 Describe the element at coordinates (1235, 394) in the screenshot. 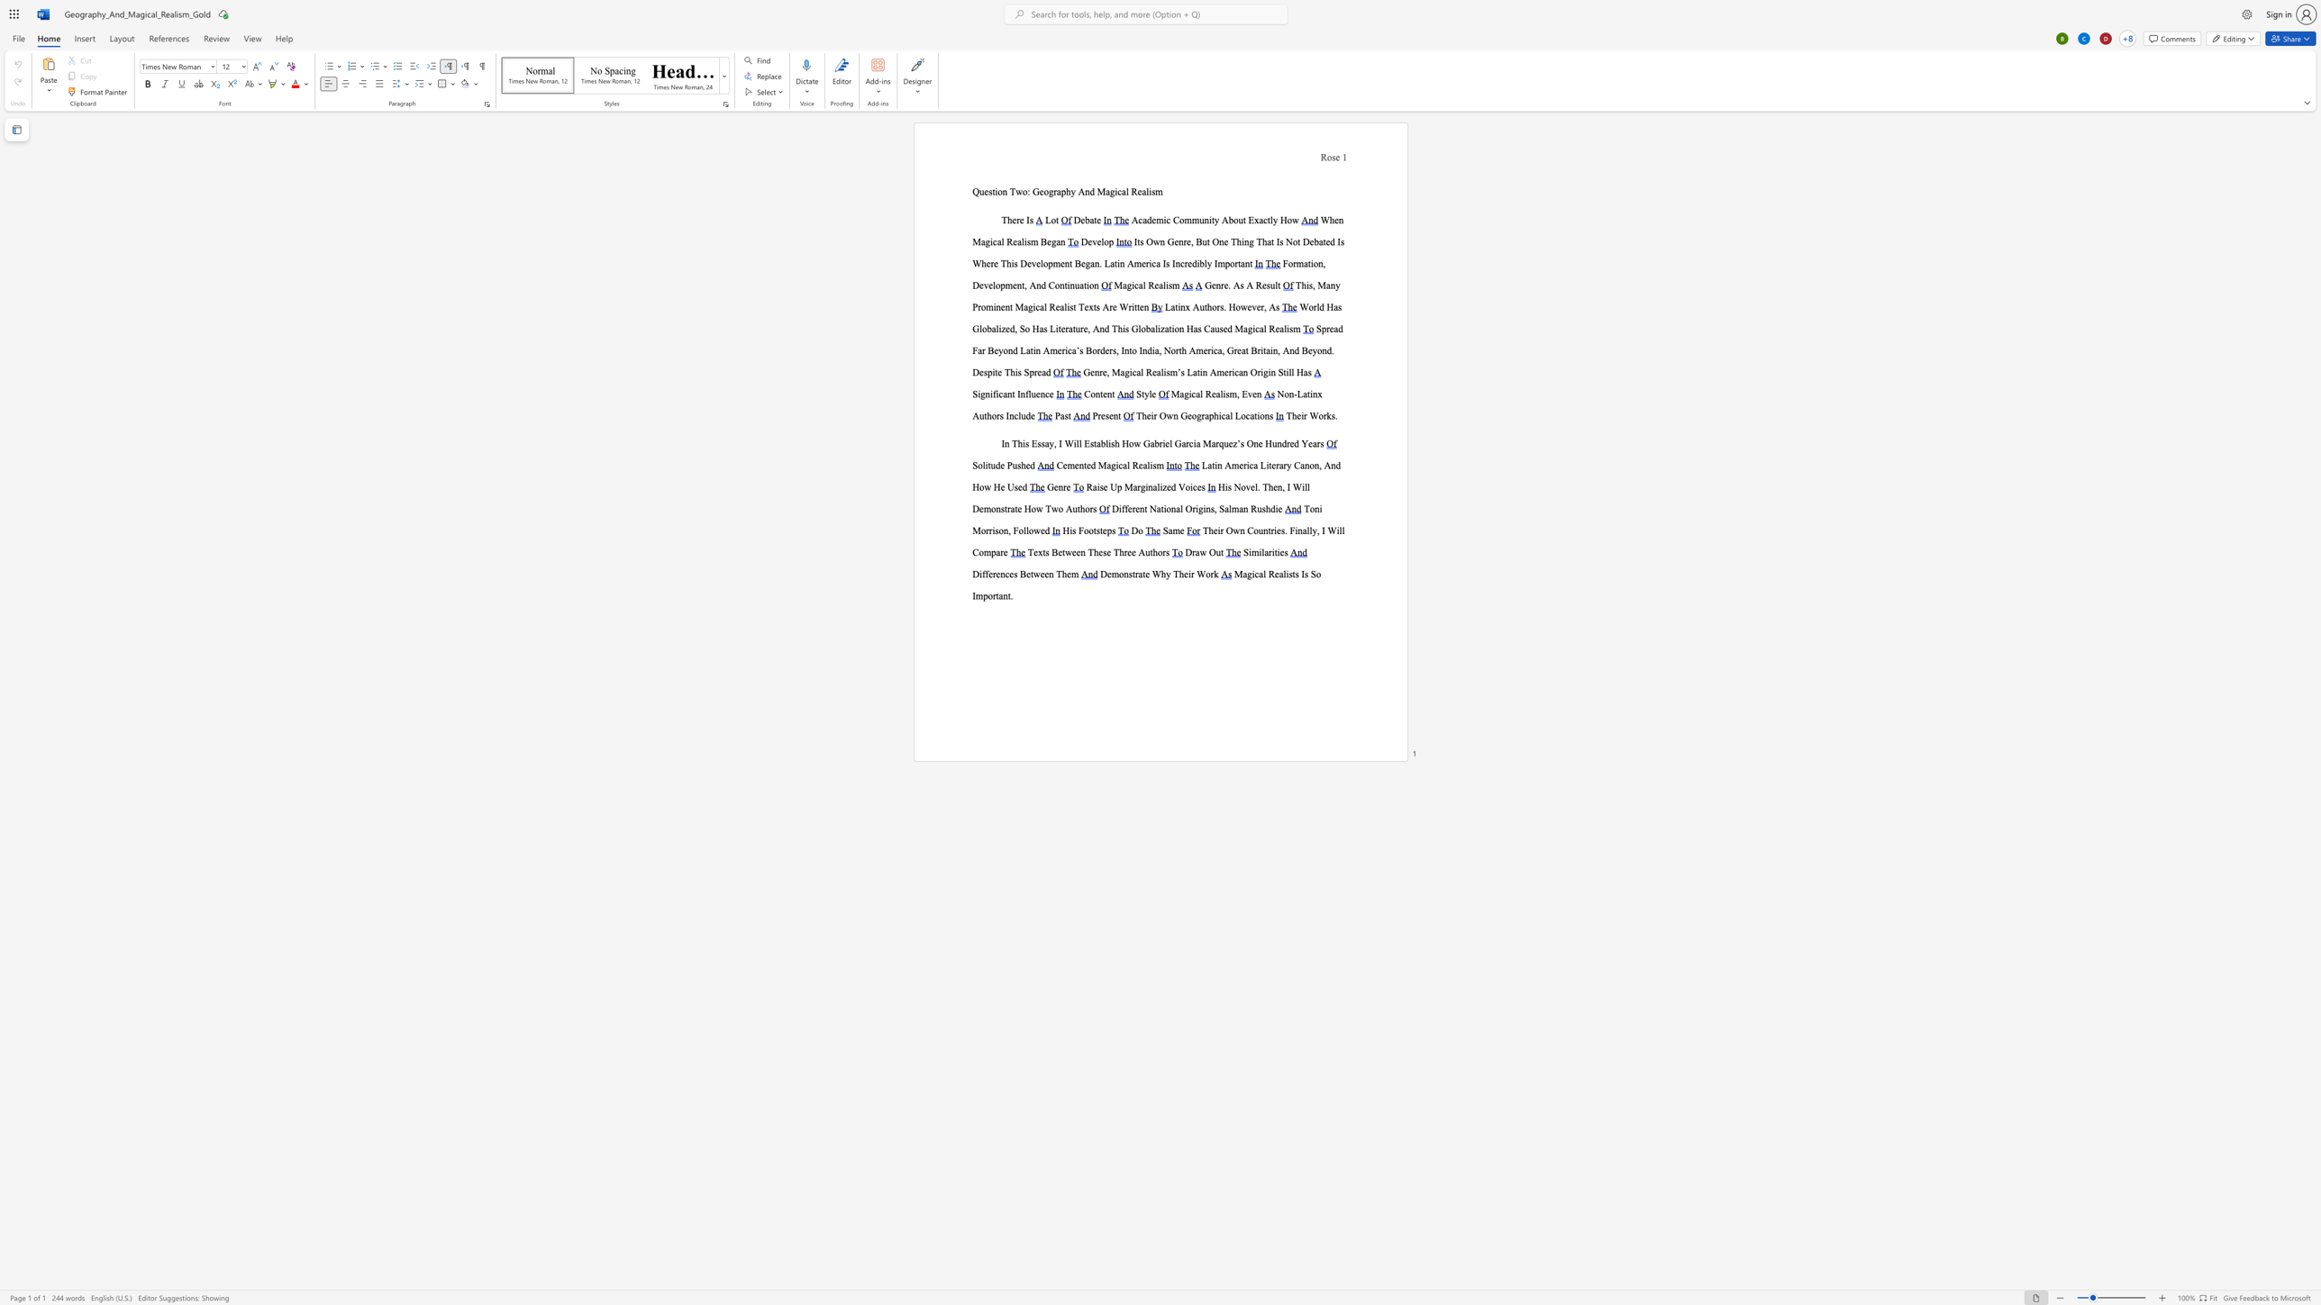

I see `the space between the continuous character "m" and "," in the text` at that location.